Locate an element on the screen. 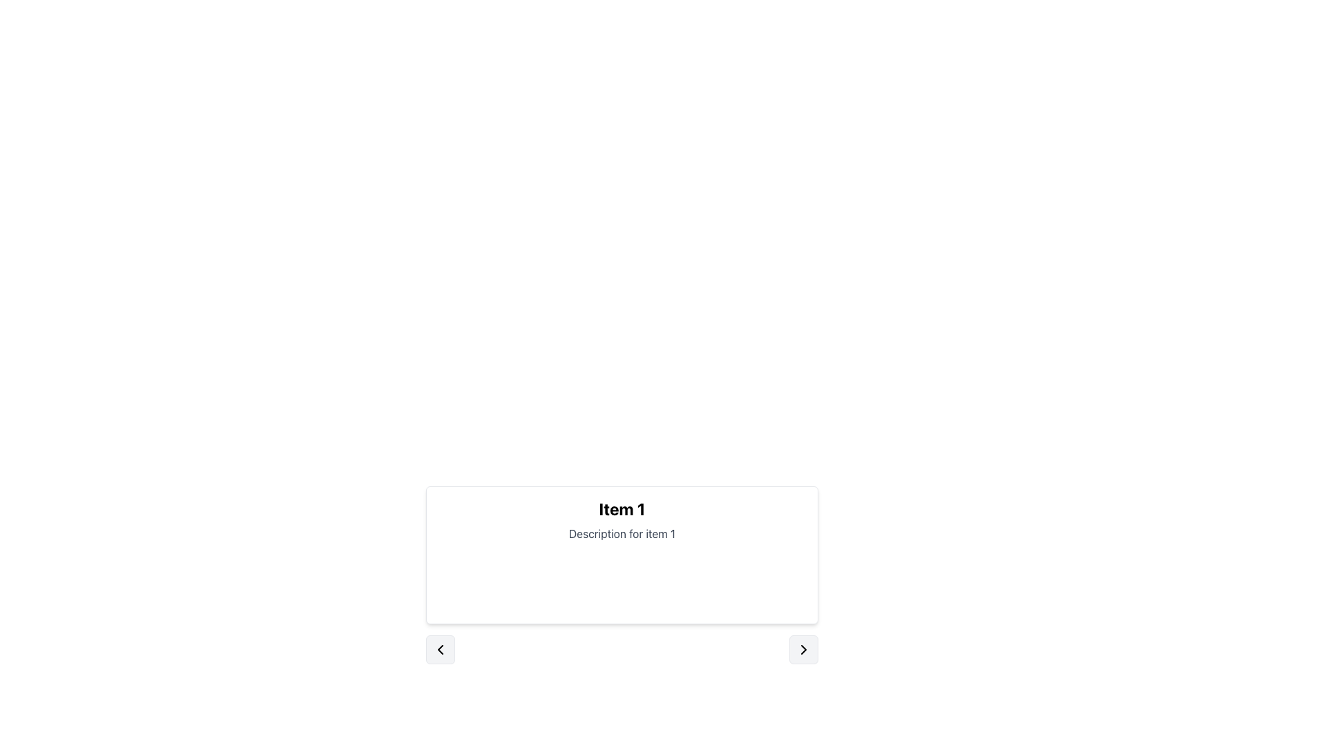 The height and width of the screenshot is (745, 1326). the left-pointing arrow button located in the bottom-left corner of the dual-button navigation area beneath the 'Item 1' content card is located at coordinates (440, 649).